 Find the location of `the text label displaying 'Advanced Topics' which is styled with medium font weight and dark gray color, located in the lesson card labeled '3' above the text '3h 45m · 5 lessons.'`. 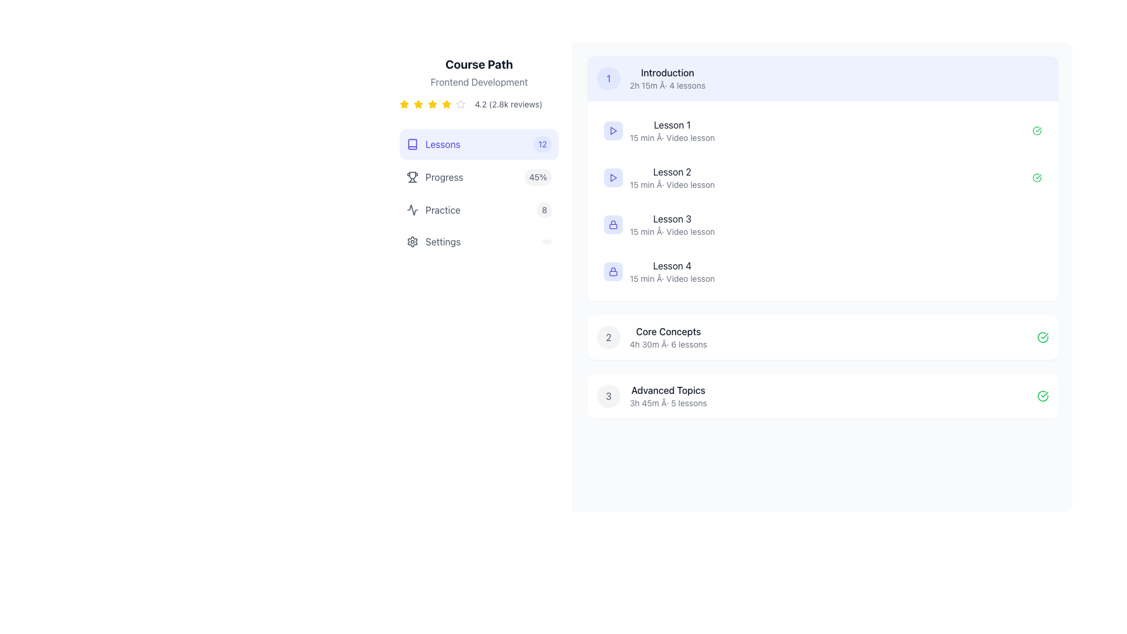

the text label displaying 'Advanced Topics' which is styled with medium font weight and dark gray color, located in the lesson card labeled '3' above the text '3h 45m · 5 lessons.' is located at coordinates (668, 390).